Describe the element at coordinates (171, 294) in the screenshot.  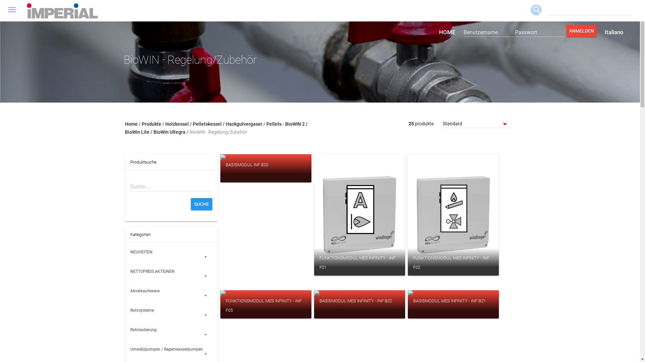
I see `'Abverkaufsware` at that location.